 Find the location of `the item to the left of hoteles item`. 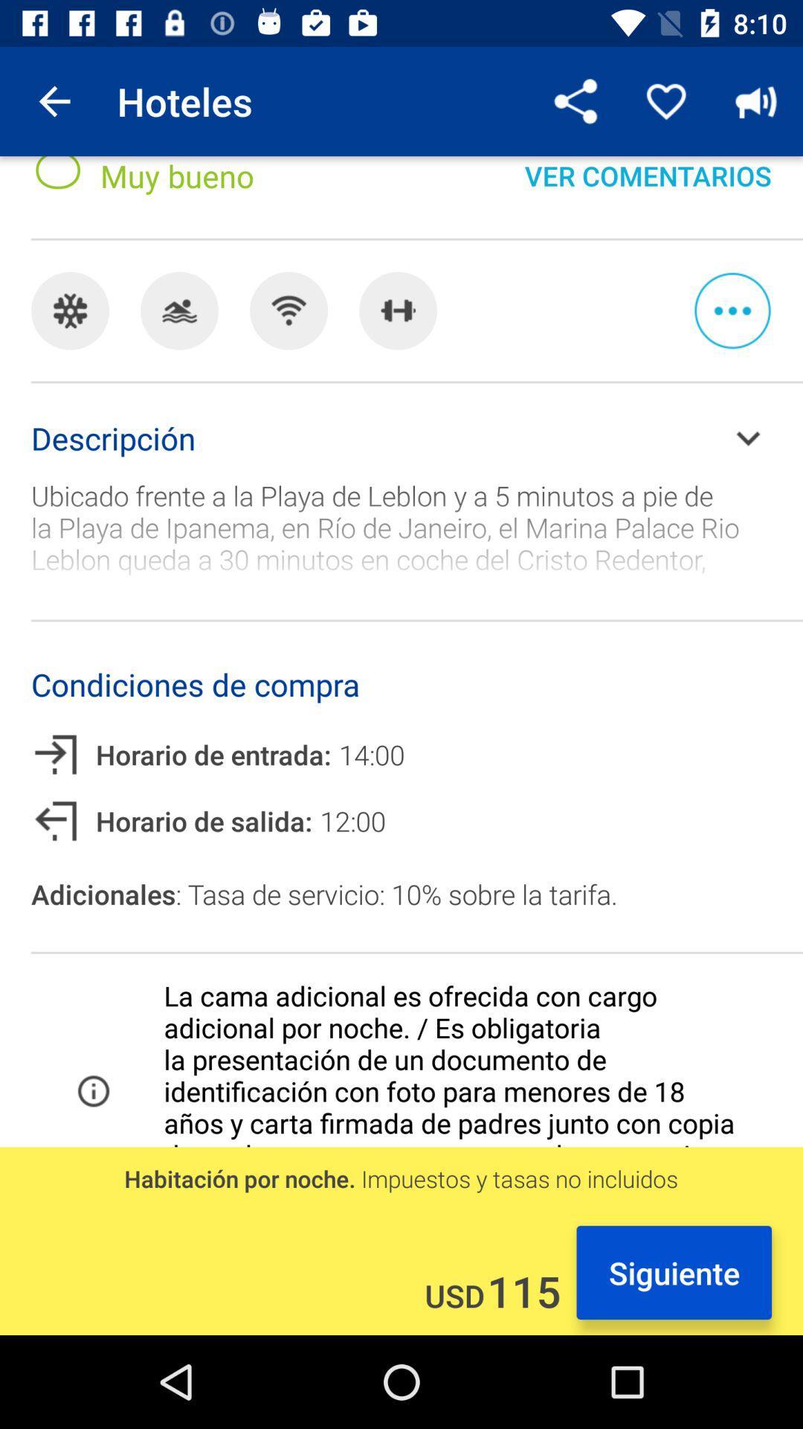

the item to the left of hoteles item is located at coordinates (54, 100).